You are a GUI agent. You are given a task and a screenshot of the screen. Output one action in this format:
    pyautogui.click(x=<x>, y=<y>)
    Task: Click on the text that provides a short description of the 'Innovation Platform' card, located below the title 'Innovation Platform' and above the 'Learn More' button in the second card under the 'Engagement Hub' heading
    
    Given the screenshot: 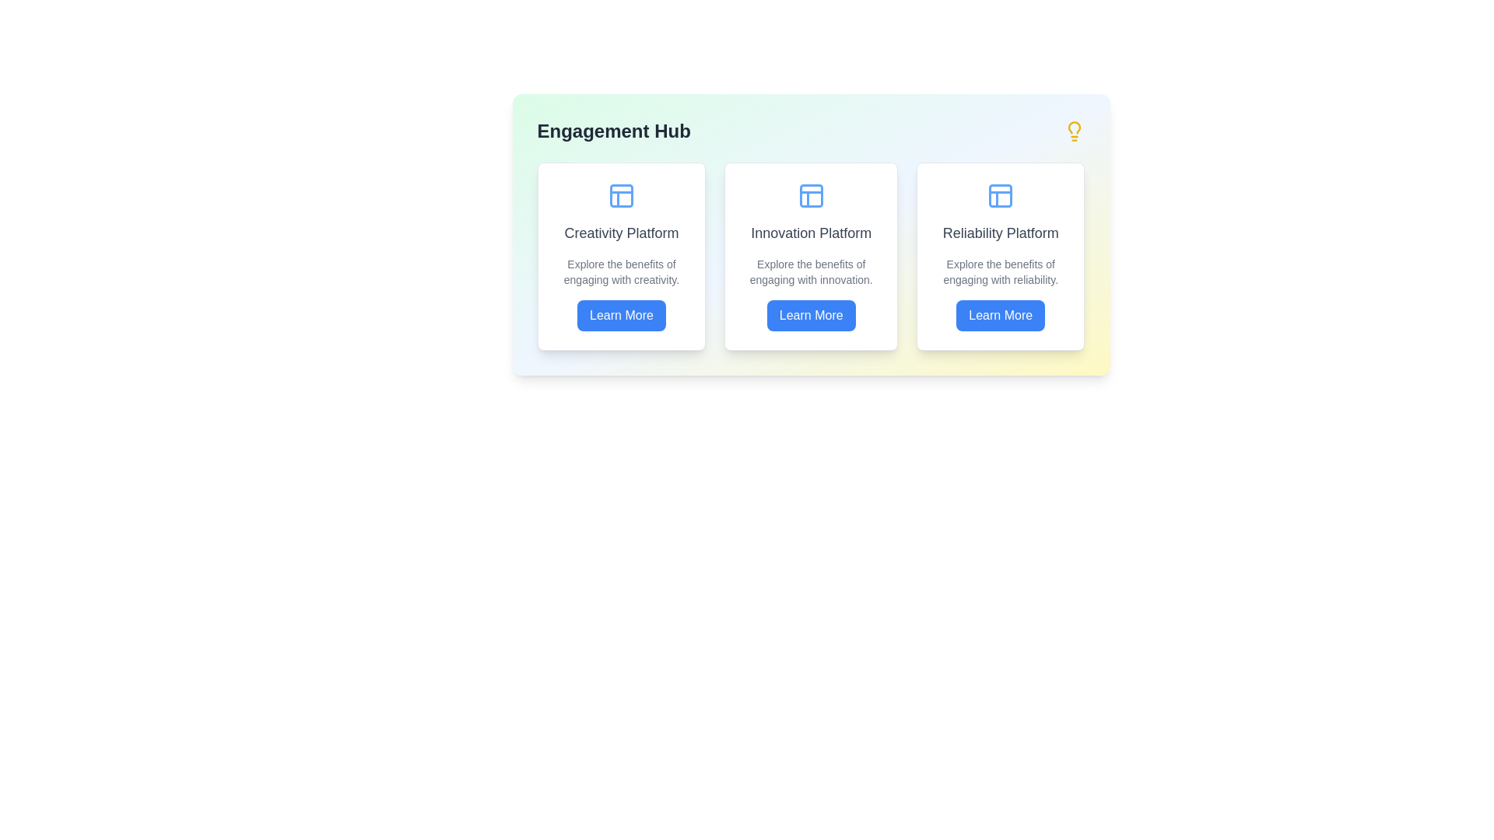 What is the action you would take?
    pyautogui.click(x=810, y=271)
    